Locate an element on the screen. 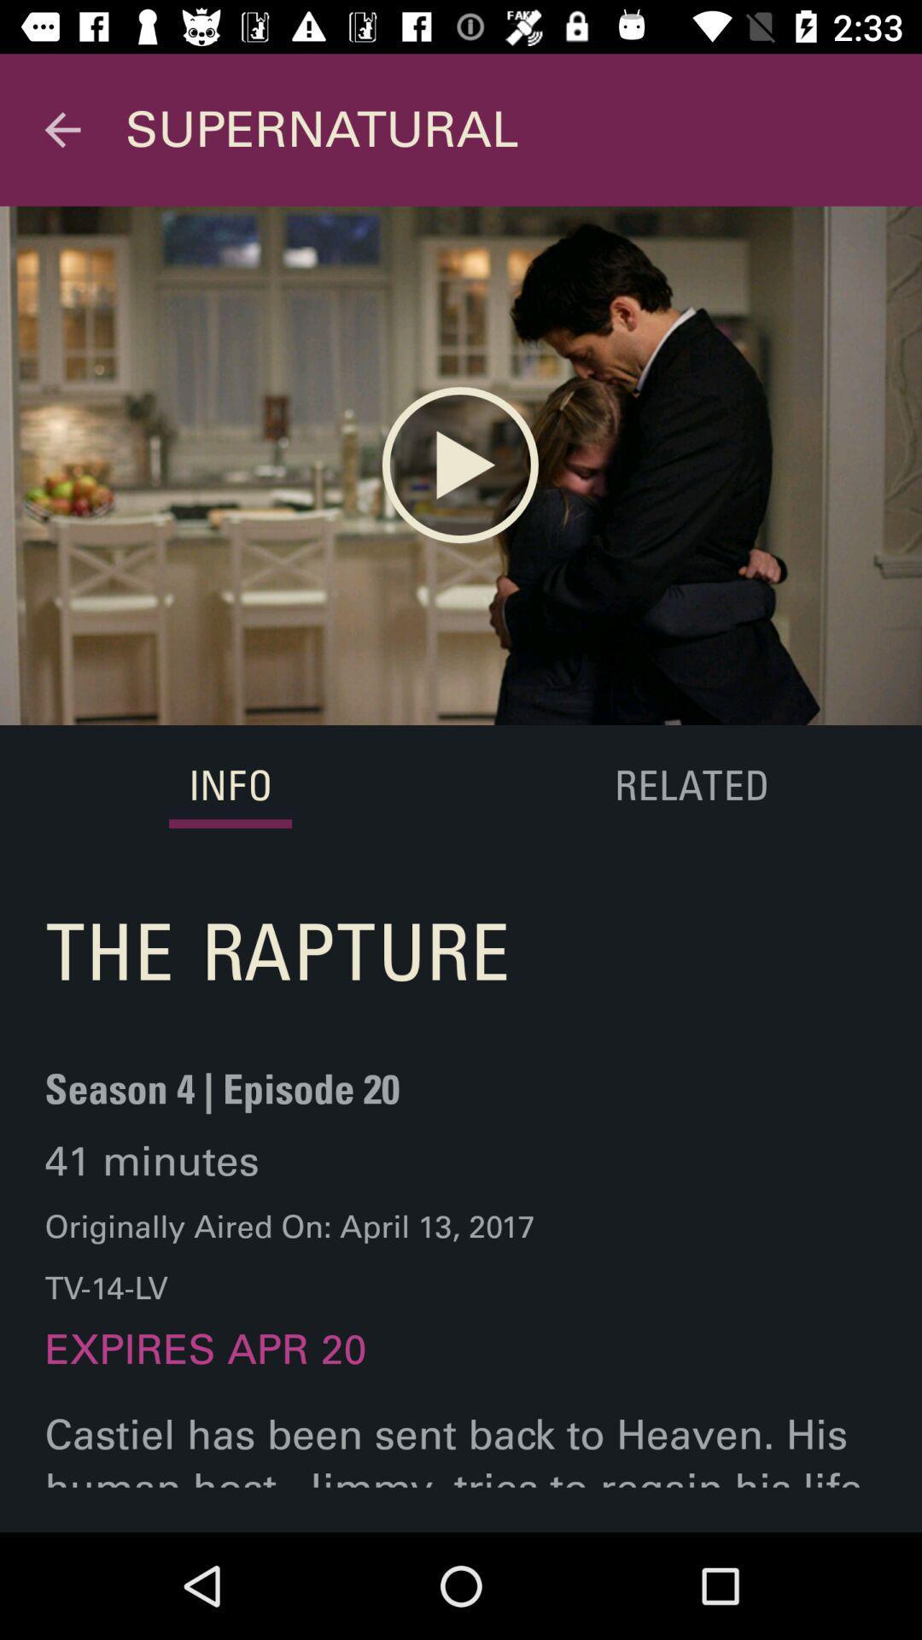  item next to the supernatural item is located at coordinates (61, 129).